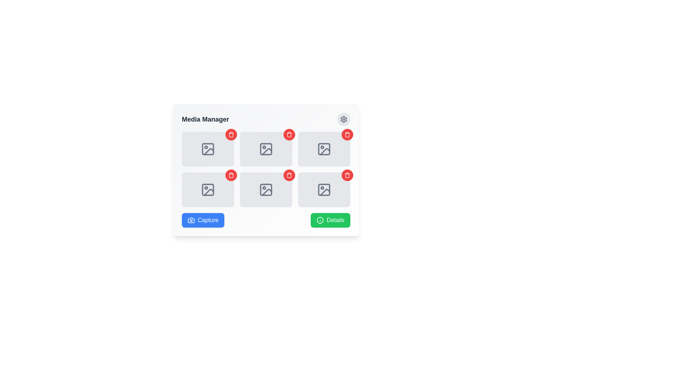  Describe the element at coordinates (323, 189) in the screenshot. I see `the image icon located in the lower-right corner of the 2x3 grid structure within the Media Manager interface, which serves as a preview for media content` at that location.